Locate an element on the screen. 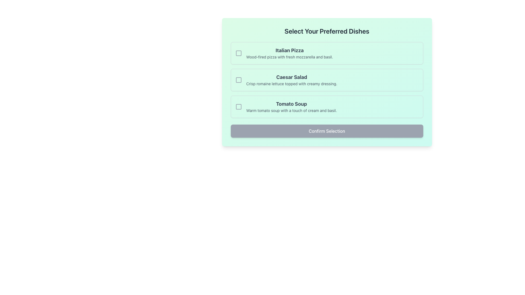  the text description that reads 'Crisp romaine lettuce topped with creamy dressing.' located below the title 'Caesar Salad' is located at coordinates (291, 84).